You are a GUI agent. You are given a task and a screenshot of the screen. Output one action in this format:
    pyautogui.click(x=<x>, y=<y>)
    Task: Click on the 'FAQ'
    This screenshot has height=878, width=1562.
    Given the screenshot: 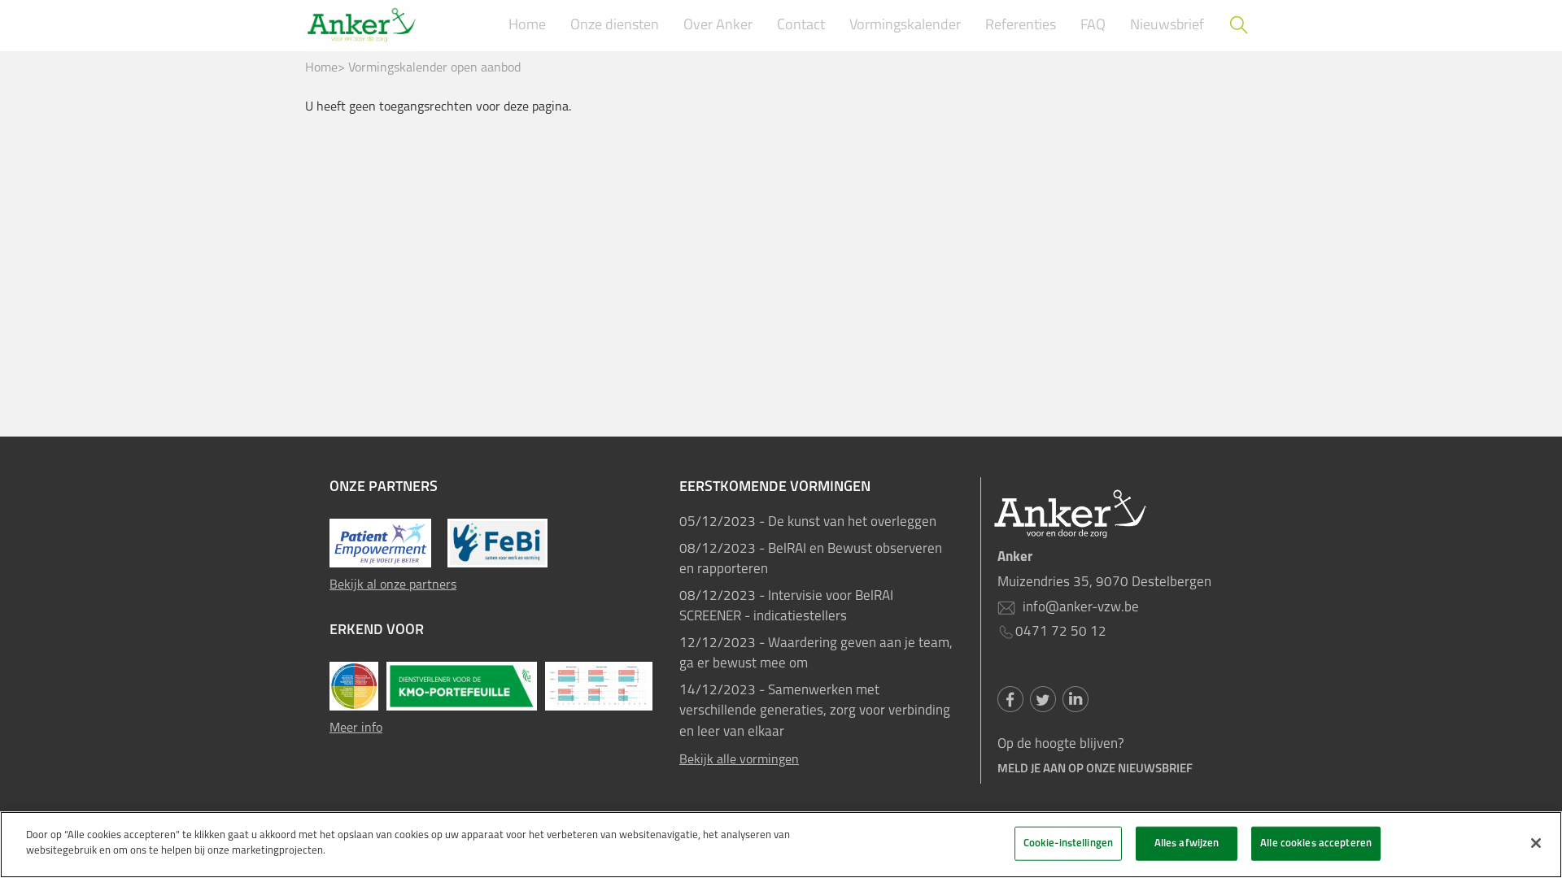 What is the action you would take?
    pyautogui.click(x=1072, y=25)
    